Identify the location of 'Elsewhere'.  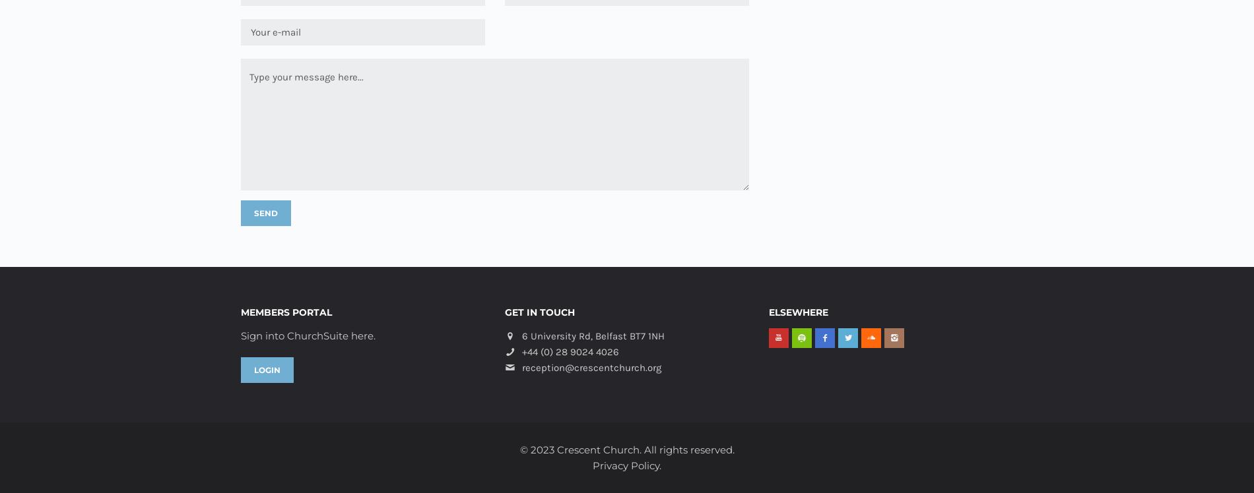
(797, 312).